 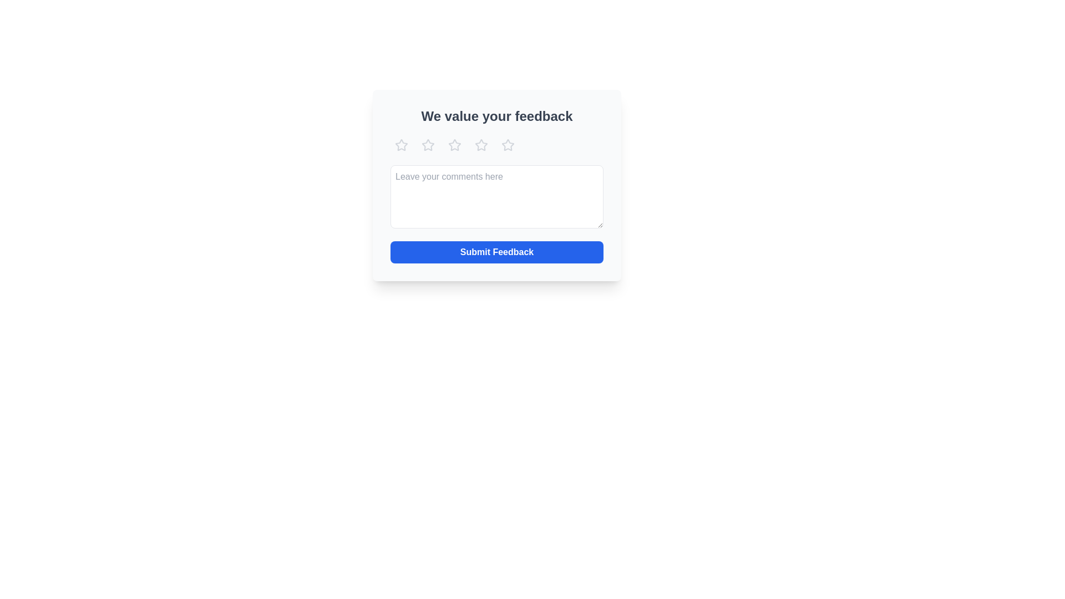 What do you see at coordinates (455, 145) in the screenshot?
I see `the third interactive star icon in a horizontal set of five stars at the top of the feedback modal` at bounding box center [455, 145].